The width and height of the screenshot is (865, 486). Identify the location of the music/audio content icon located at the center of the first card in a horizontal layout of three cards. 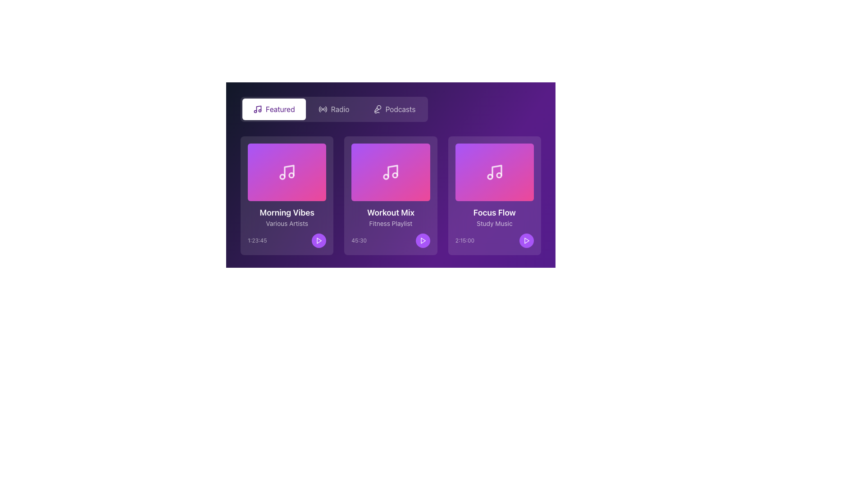
(287, 172).